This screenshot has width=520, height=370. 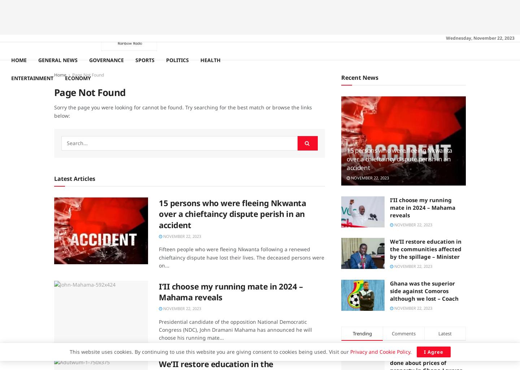 What do you see at coordinates (411, 352) in the screenshot?
I see `'.'` at bounding box center [411, 352].